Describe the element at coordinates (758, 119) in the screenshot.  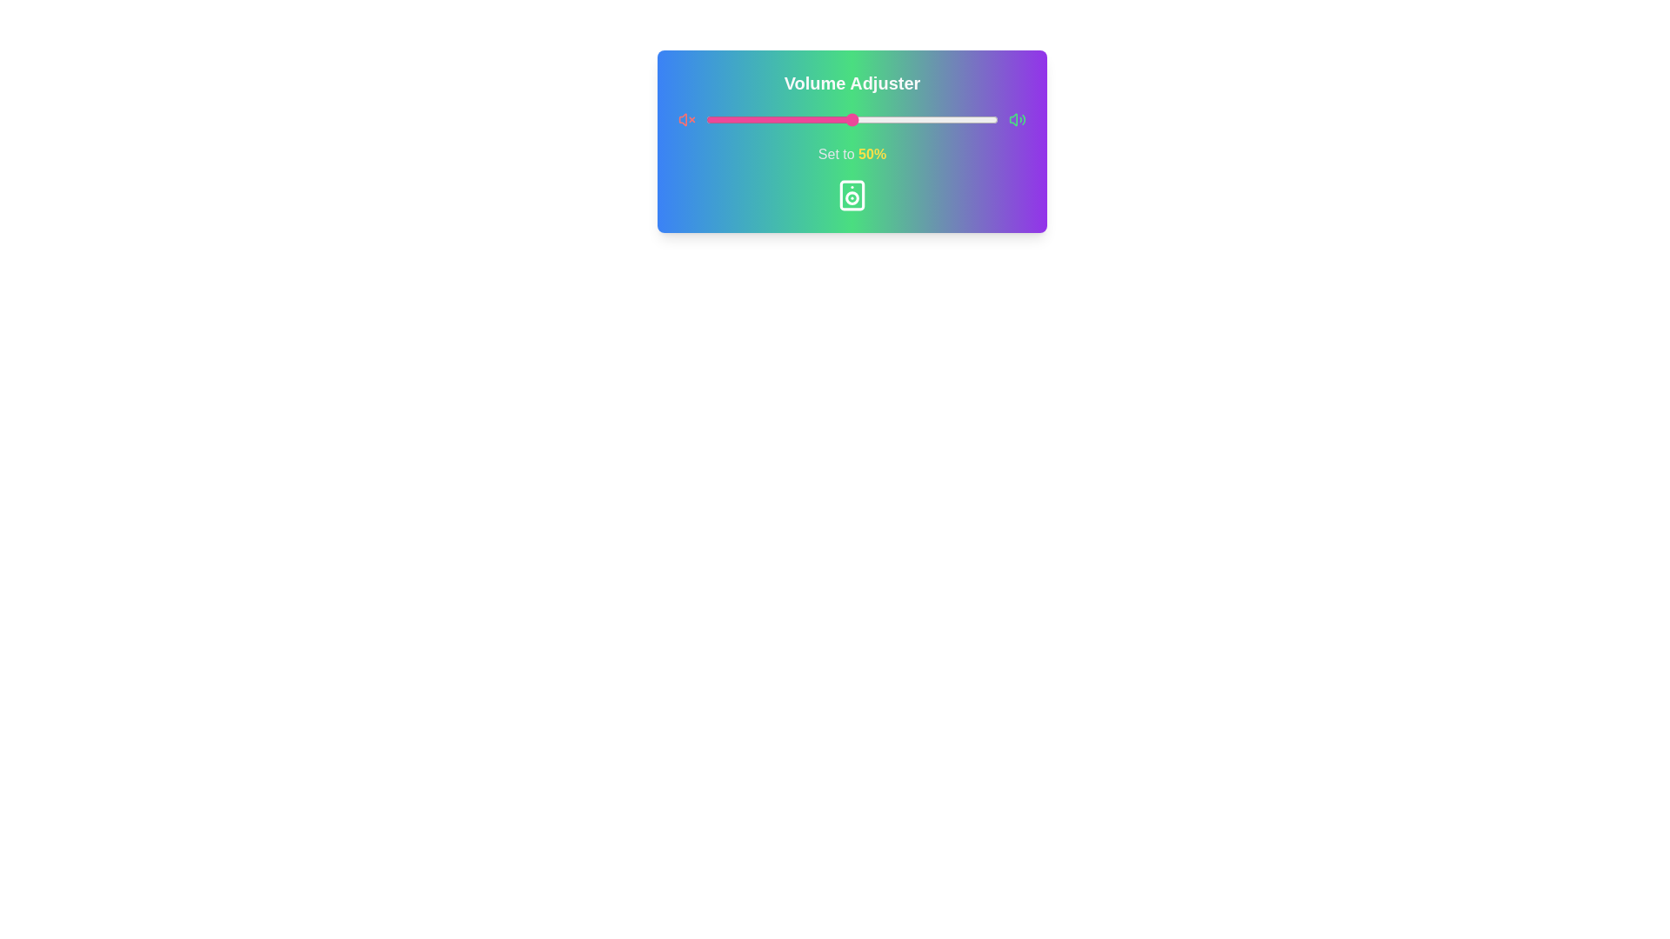
I see `the volume slider to 18%, where 18 is a value between 0 and 100` at that location.